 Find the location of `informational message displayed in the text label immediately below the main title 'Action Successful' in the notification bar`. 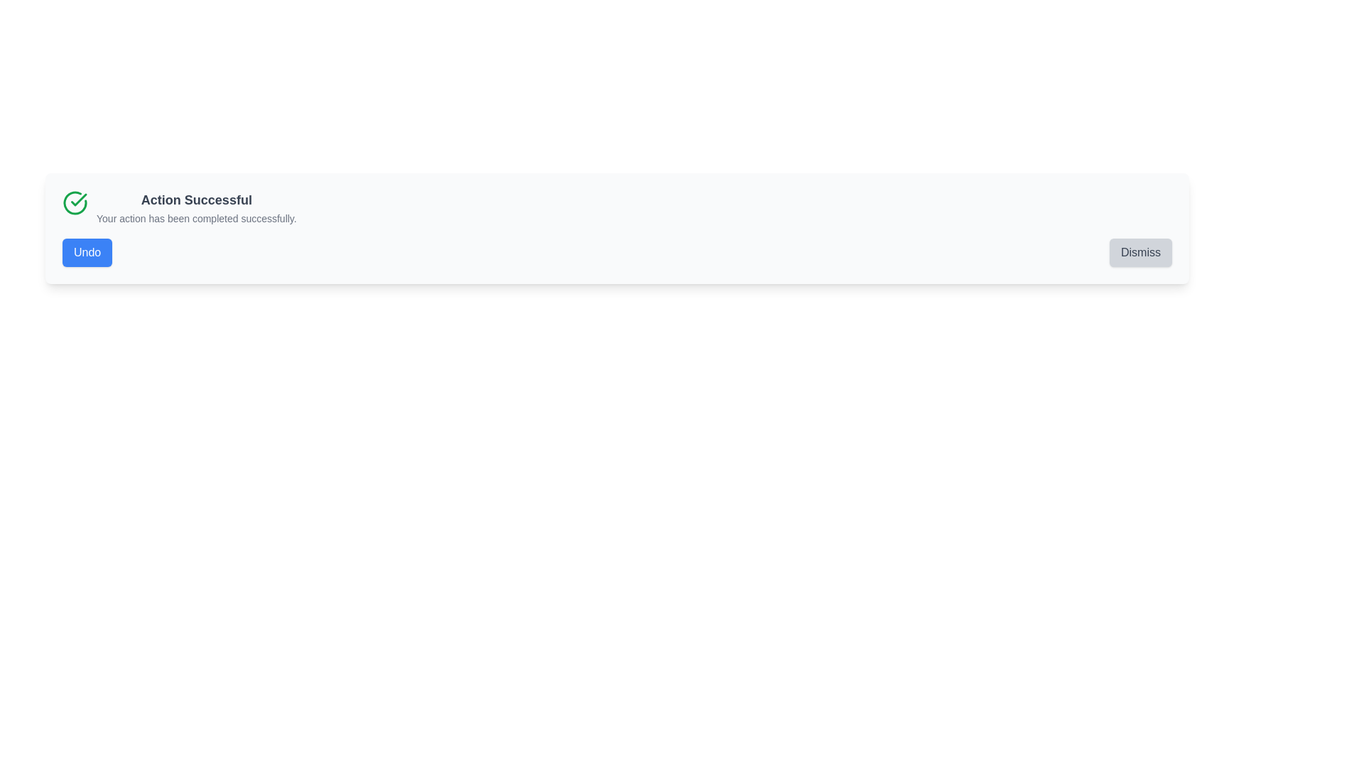

informational message displayed in the text label immediately below the main title 'Action Successful' in the notification bar is located at coordinates (195, 219).